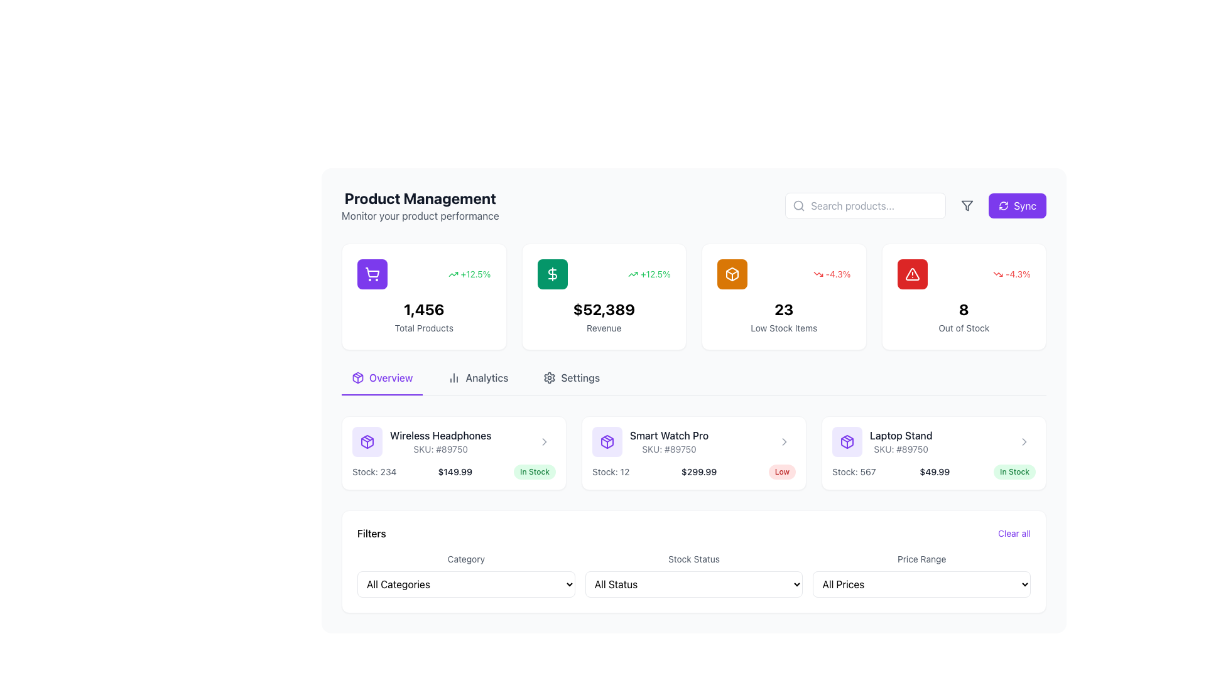 Image resolution: width=1206 pixels, height=678 pixels. What do you see at coordinates (604, 273) in the screenshot?
I see `the informative indicator displaying the revenue growth percentage, located at the top center of the revenue card, for additional data (if enabled)` at bounding box center [604, 273].